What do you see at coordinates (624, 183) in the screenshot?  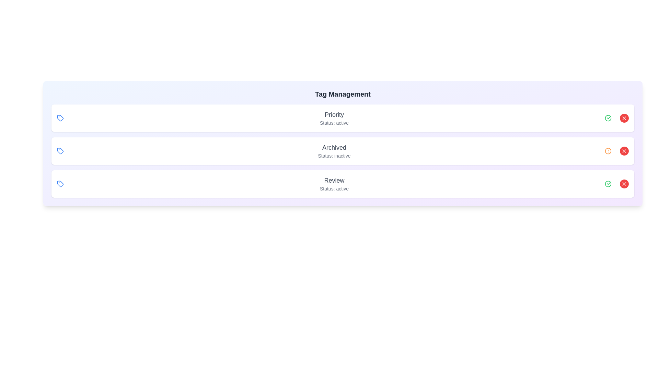 I see `the red 'X' button to remove the tag with name Review` at bounding box center [624, 183].